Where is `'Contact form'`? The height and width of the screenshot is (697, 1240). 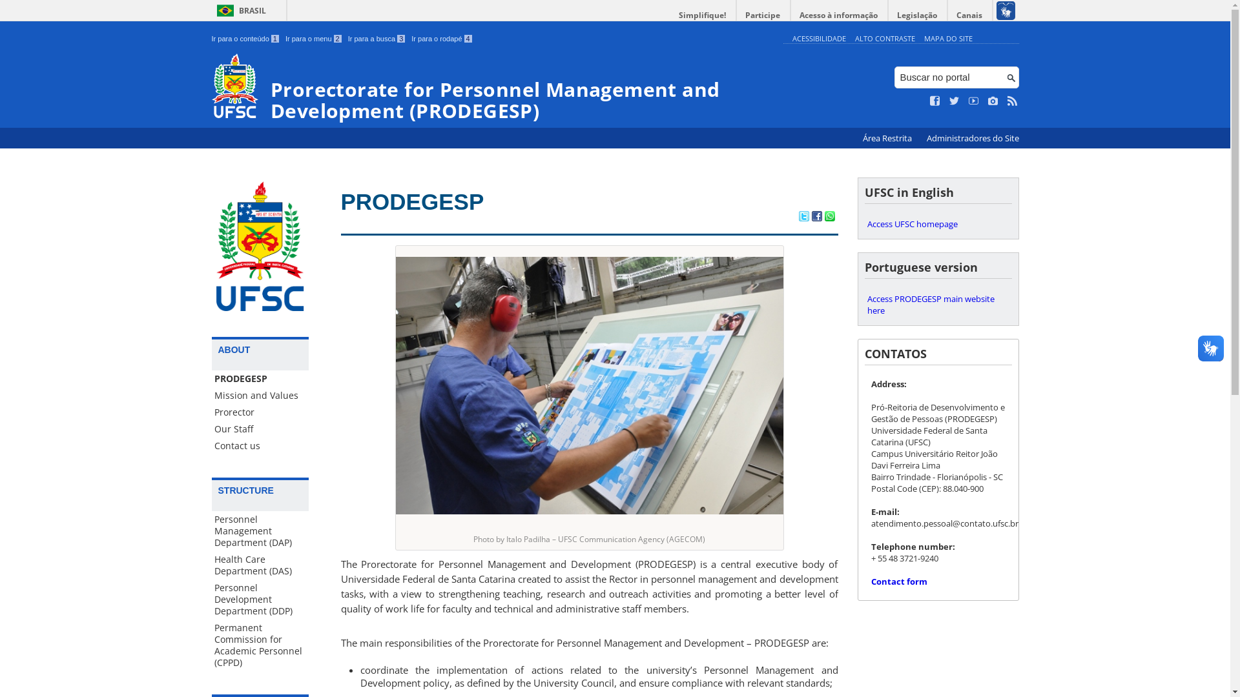 'Contact form' is located at coordinates (898, 581).